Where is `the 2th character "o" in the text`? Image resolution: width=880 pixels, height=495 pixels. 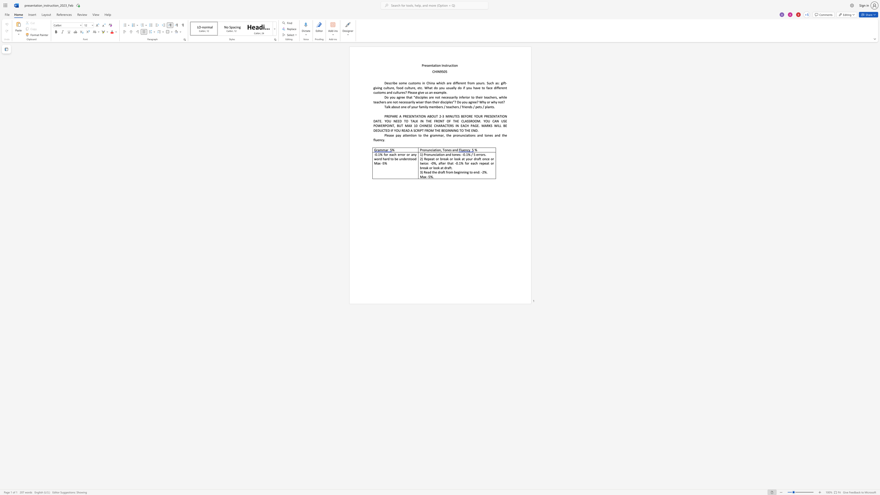 the 2th character "o" in the text is located at coordinates (438, 150).